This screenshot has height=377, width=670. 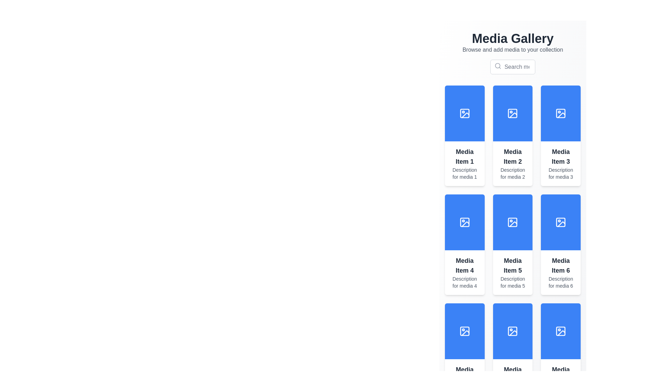 I want to click on the text label displaying 'Media Item 4', which is, so click(x=464, y=265).